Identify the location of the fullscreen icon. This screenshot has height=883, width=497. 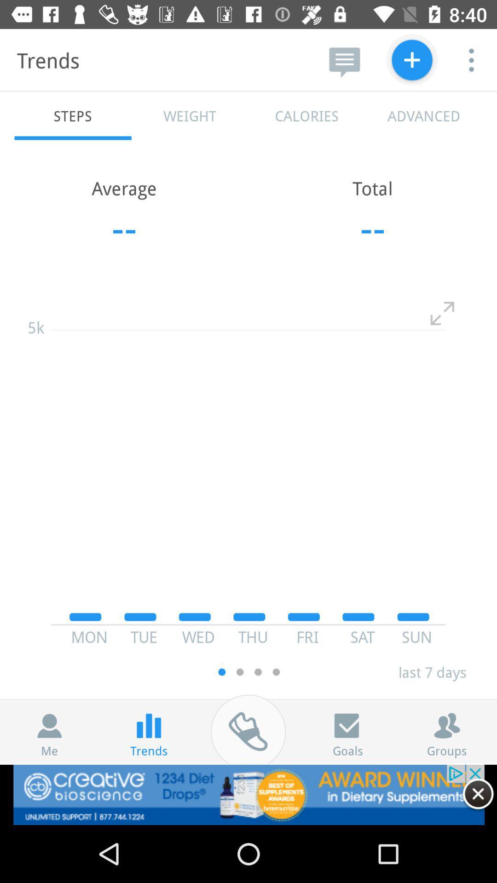
(442, 313).